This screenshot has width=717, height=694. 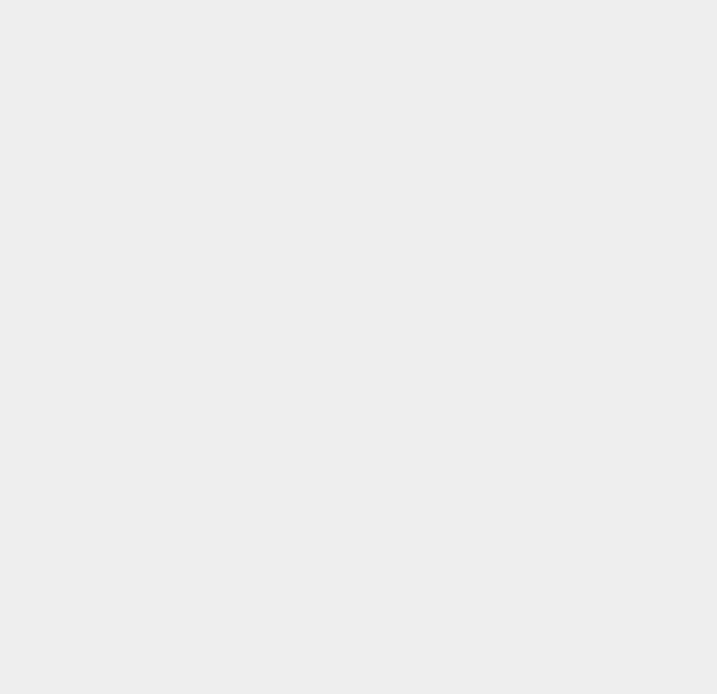 What do you see at coordinates (525, 200) in the screenshot?
I see `'iOS 6.1.3'` at bounding box center [525, 200].